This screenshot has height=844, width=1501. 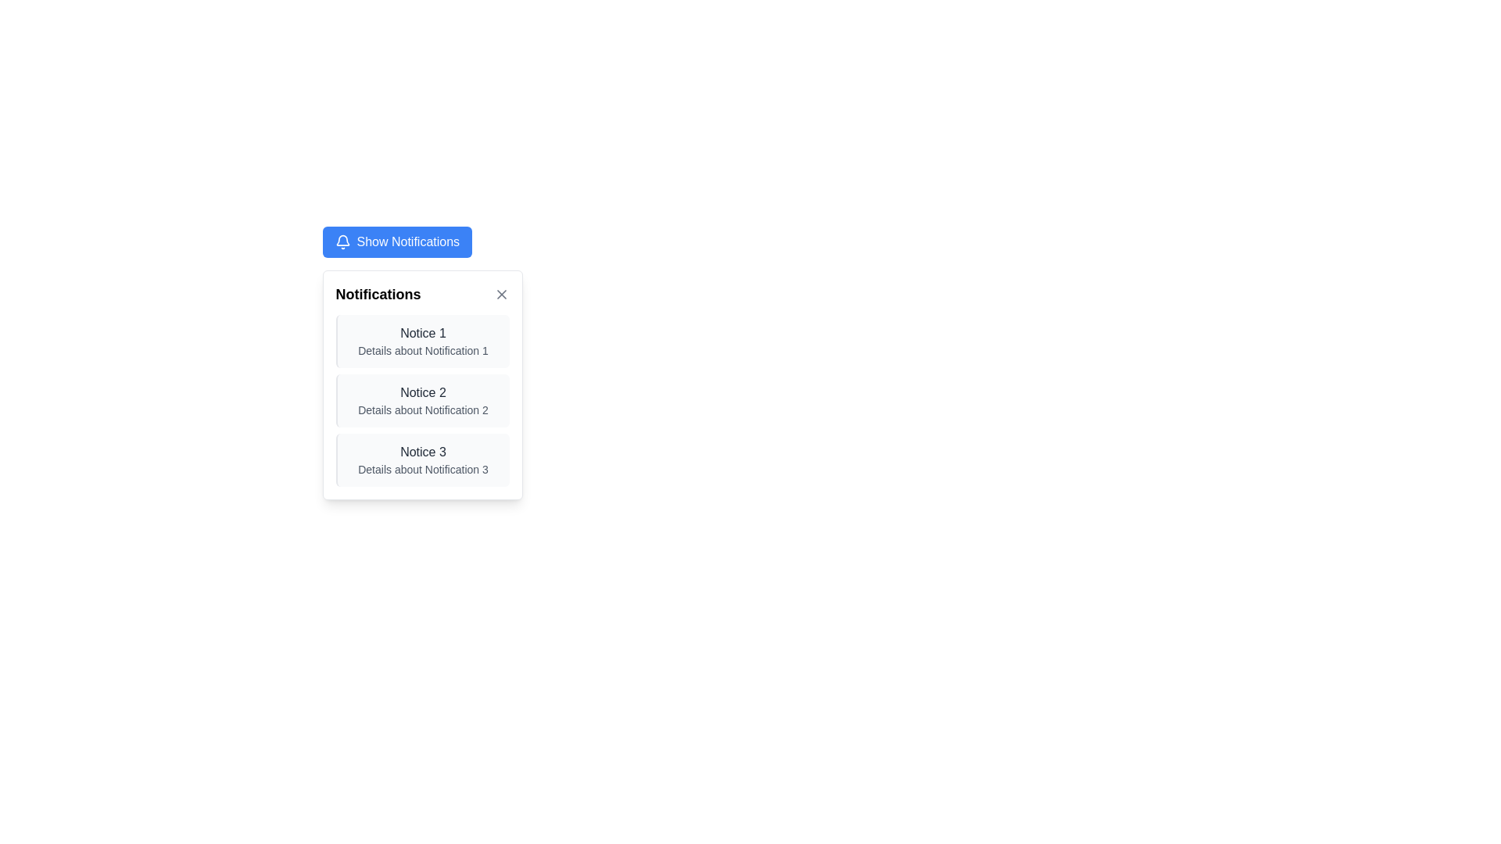 What do you see at coordinates (422, 400) in the screenshot?
I see `details of the Notification card displaying 'Notification 2', which is the second notification in a vertical list within the notification panel` at bounding box center [422, 400].